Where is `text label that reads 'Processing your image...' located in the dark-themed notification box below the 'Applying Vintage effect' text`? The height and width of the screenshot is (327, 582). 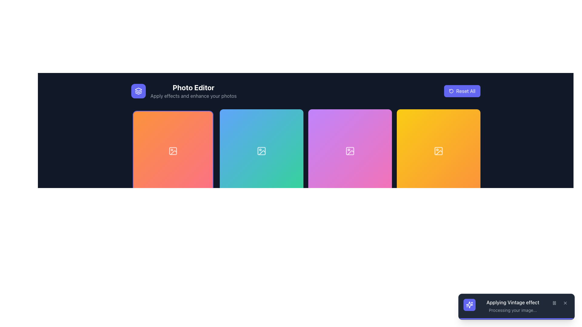 text label that reads 'Processing your image...' located in the dark-themed notification box below the 'Applying Vintage effect' text is located at coordinates (512, 310).